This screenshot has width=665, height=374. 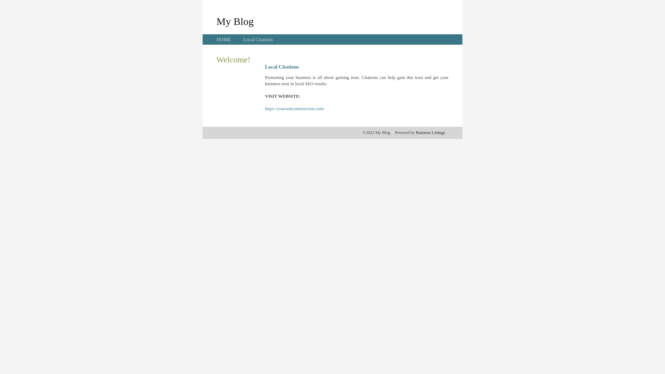 I want to click on 'My Blog', so click(x=216, y=21).